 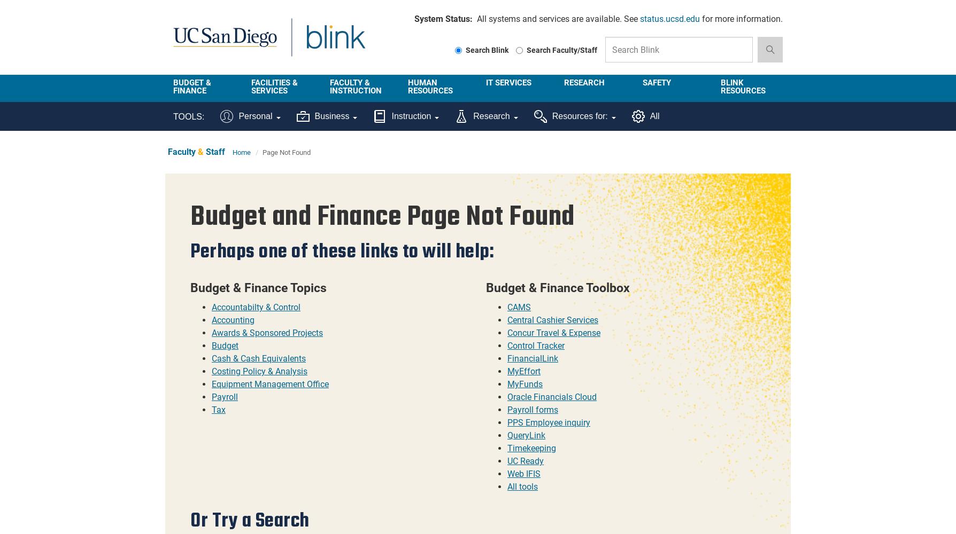 What do you see at coordinates (552, 396) in the screenshot?
I see `'Oracle Financials Cloud'` at bounding box center [552, 396].